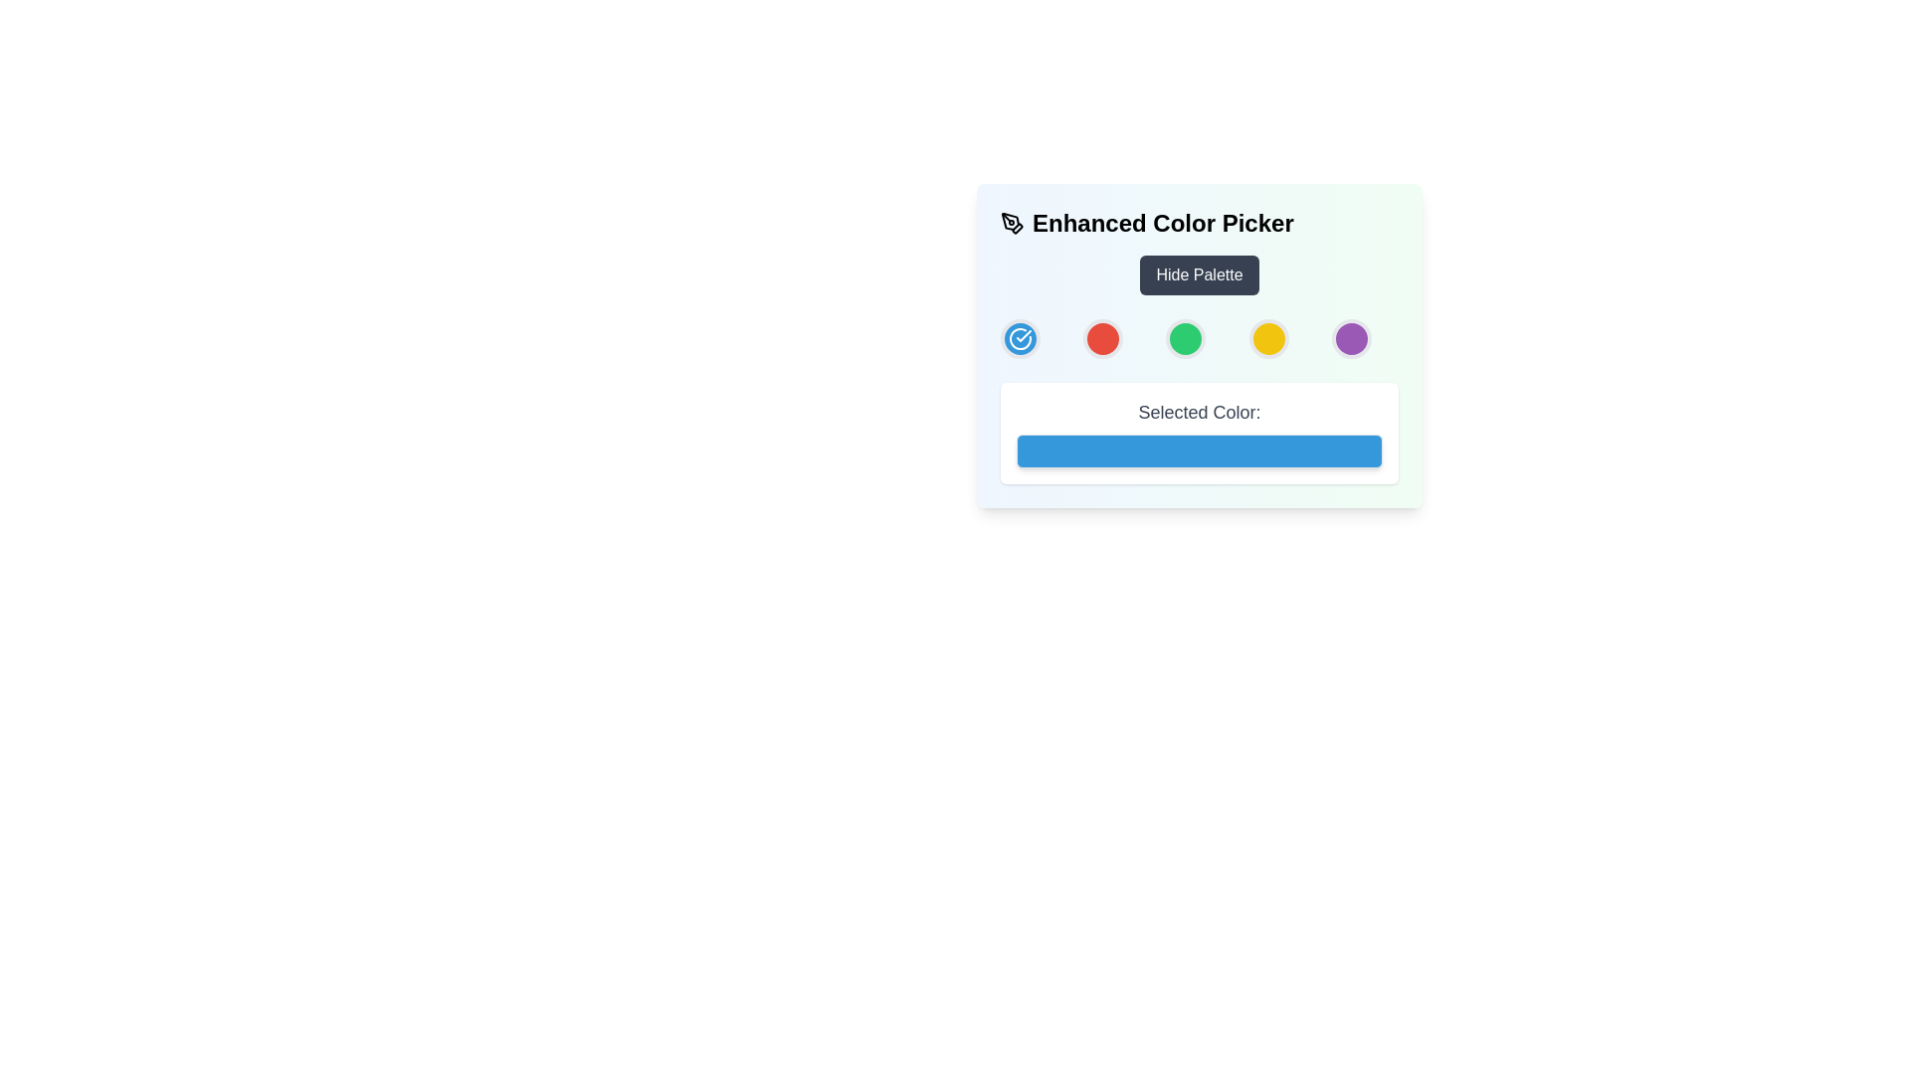 The height and width of the screenshot is (1074, 1910). What do you see at coordinates (1198, 344) in the screenshot?
I see `the selectable color option located in the middle of a horizontal row of circular elements, which is directly below the 'Hide Palette' button and above the 'Selected Color:' section` at bounding box center [1198, 344].